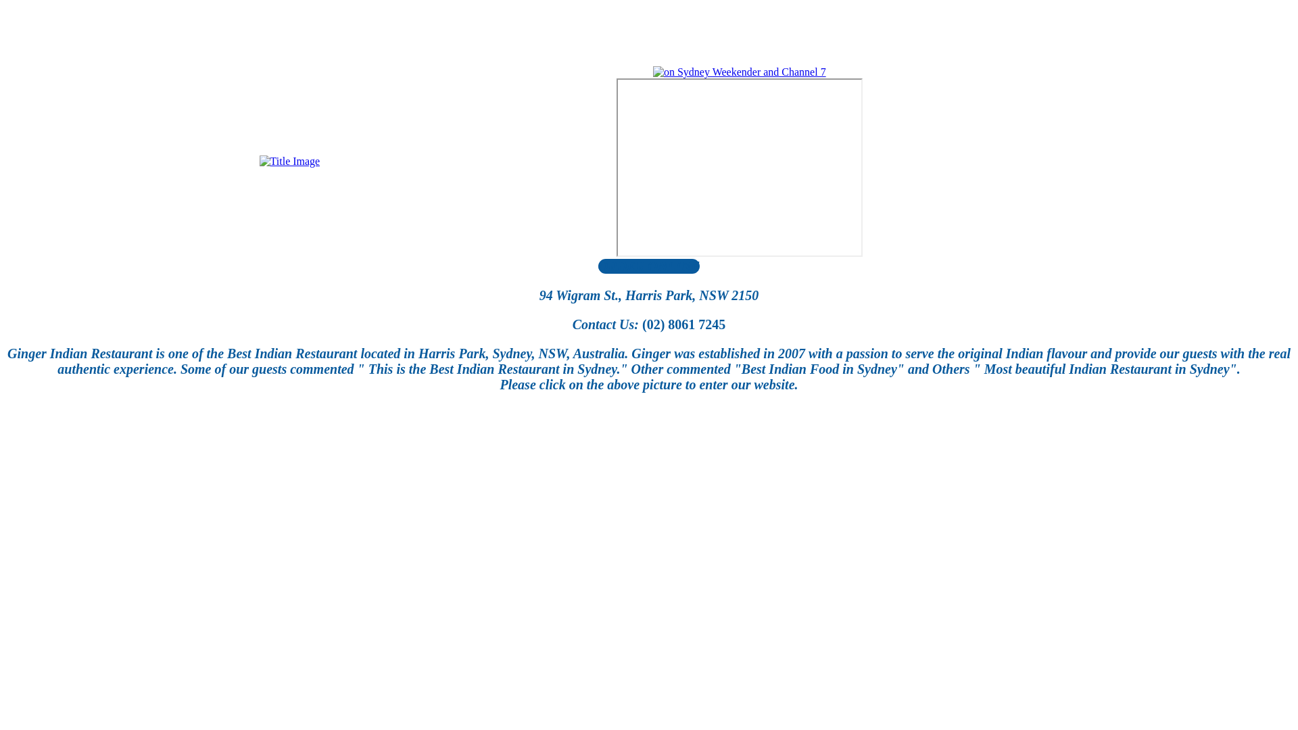 The width and height of the screenshot is (1298, 730). Describe the element at coordinates (739, 166) in the screenshot. I see `'ON CHANNEL 7'` at that location.